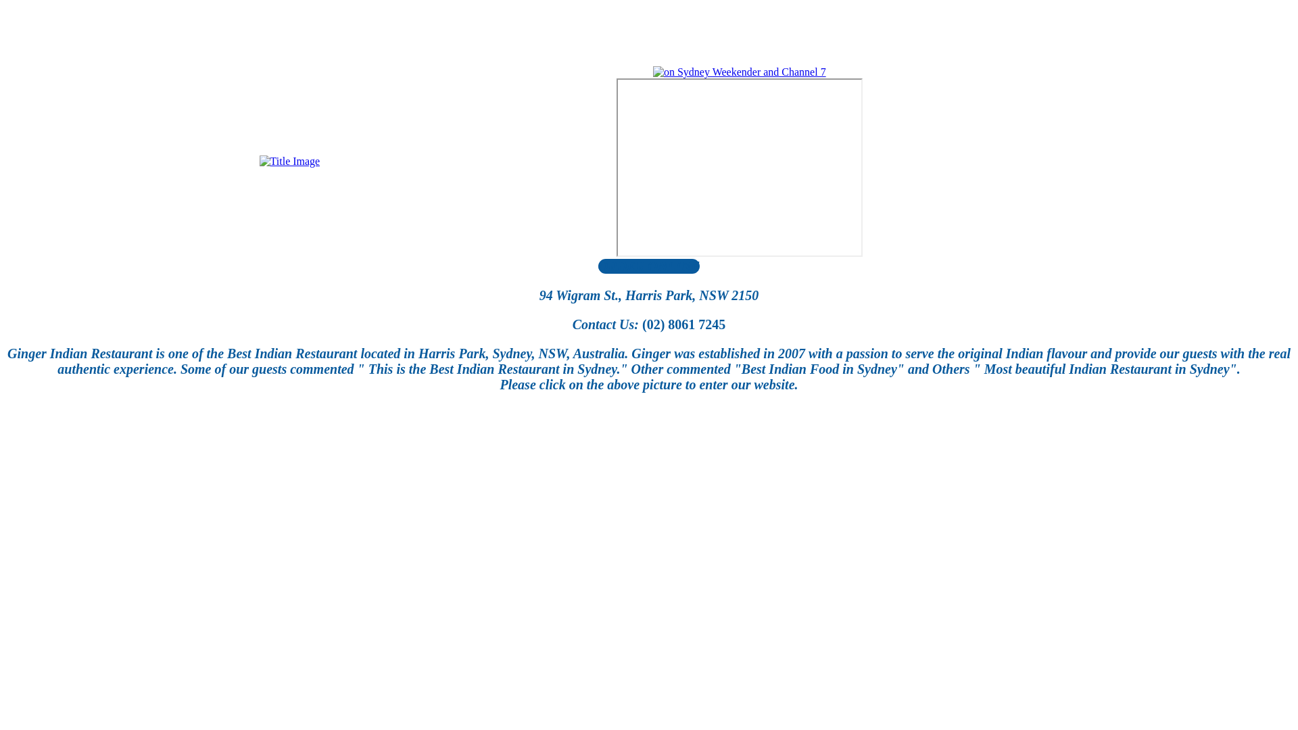 The width and height of the screenshot is (1298, 730). Describe the element at coordinates (739, 166) in the screenshot. I see `'ON CHANNEL 7'` at that location.